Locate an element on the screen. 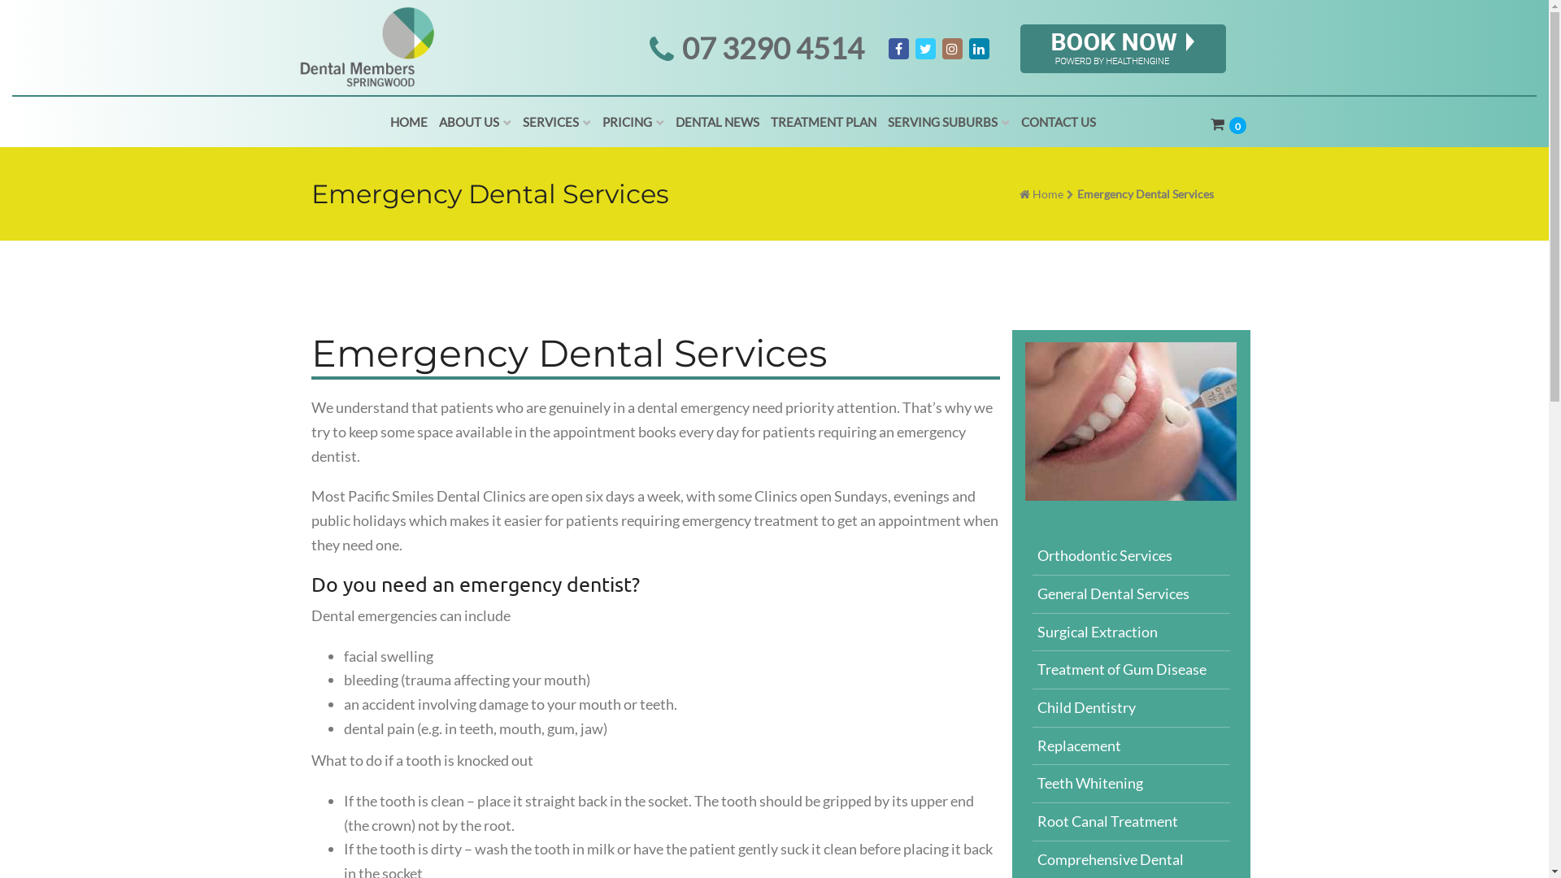 This screenshot has width=1561, height=878. 'Linkedin' is located at coordinates (978, 48).